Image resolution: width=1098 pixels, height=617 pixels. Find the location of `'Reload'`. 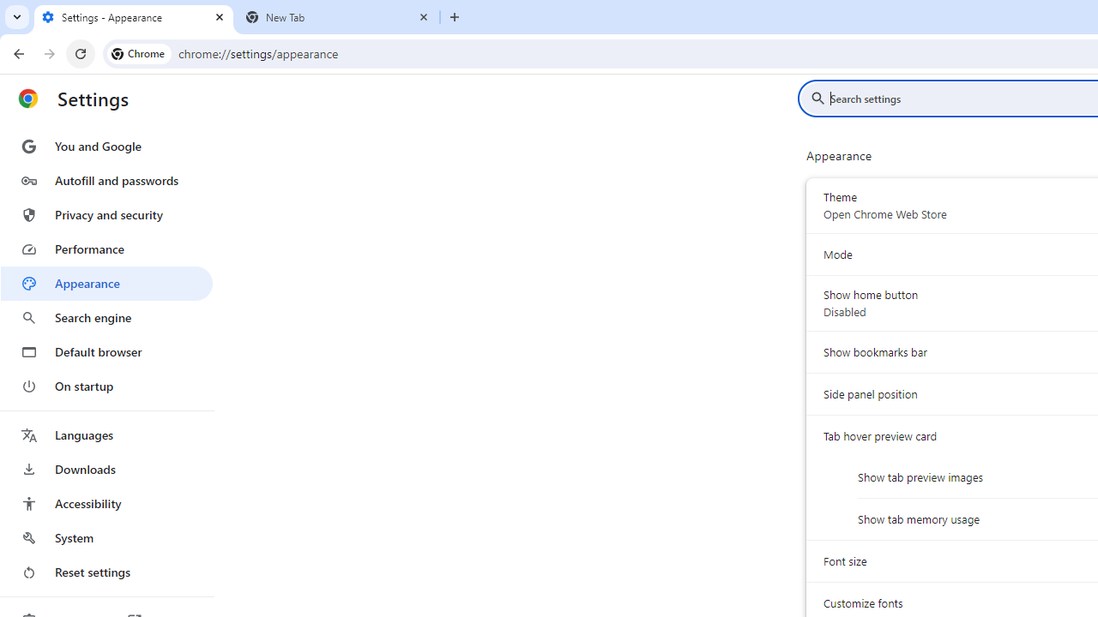

'Reload' is located at coordinates (80, 52).